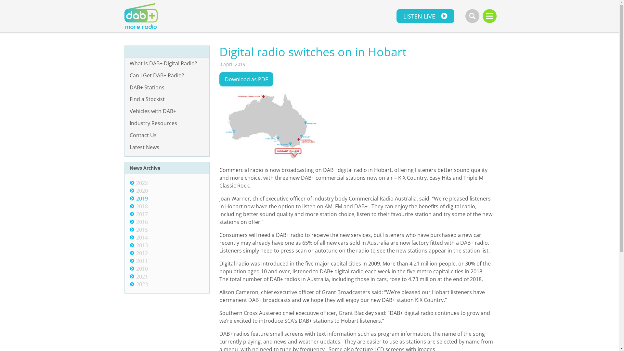 This screenshot has height=351, width=624. I want to click on 'What Is DAB+ Digital Radio?', so click(167, 63).